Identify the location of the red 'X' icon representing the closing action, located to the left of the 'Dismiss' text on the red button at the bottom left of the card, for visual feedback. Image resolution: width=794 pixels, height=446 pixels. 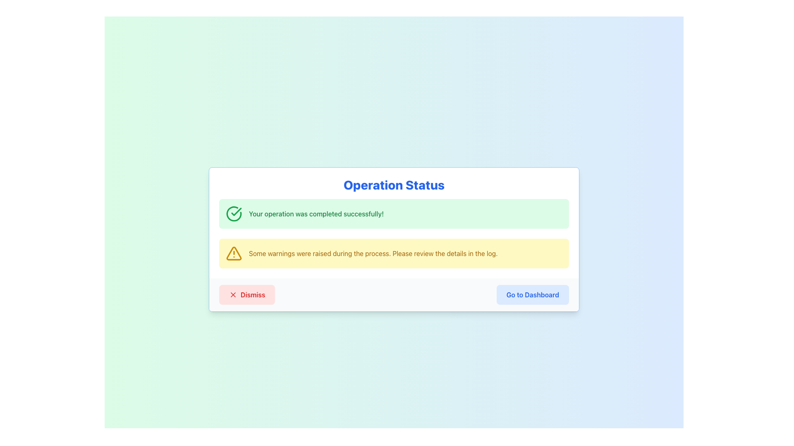
(233, 294).